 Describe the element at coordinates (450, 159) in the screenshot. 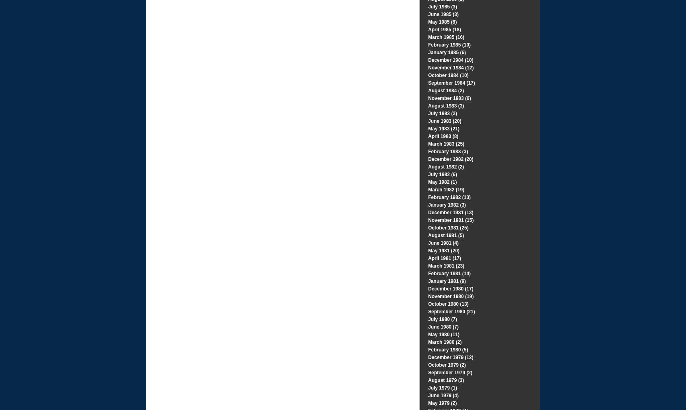

I see `'December 1982 (20)'` at that location.